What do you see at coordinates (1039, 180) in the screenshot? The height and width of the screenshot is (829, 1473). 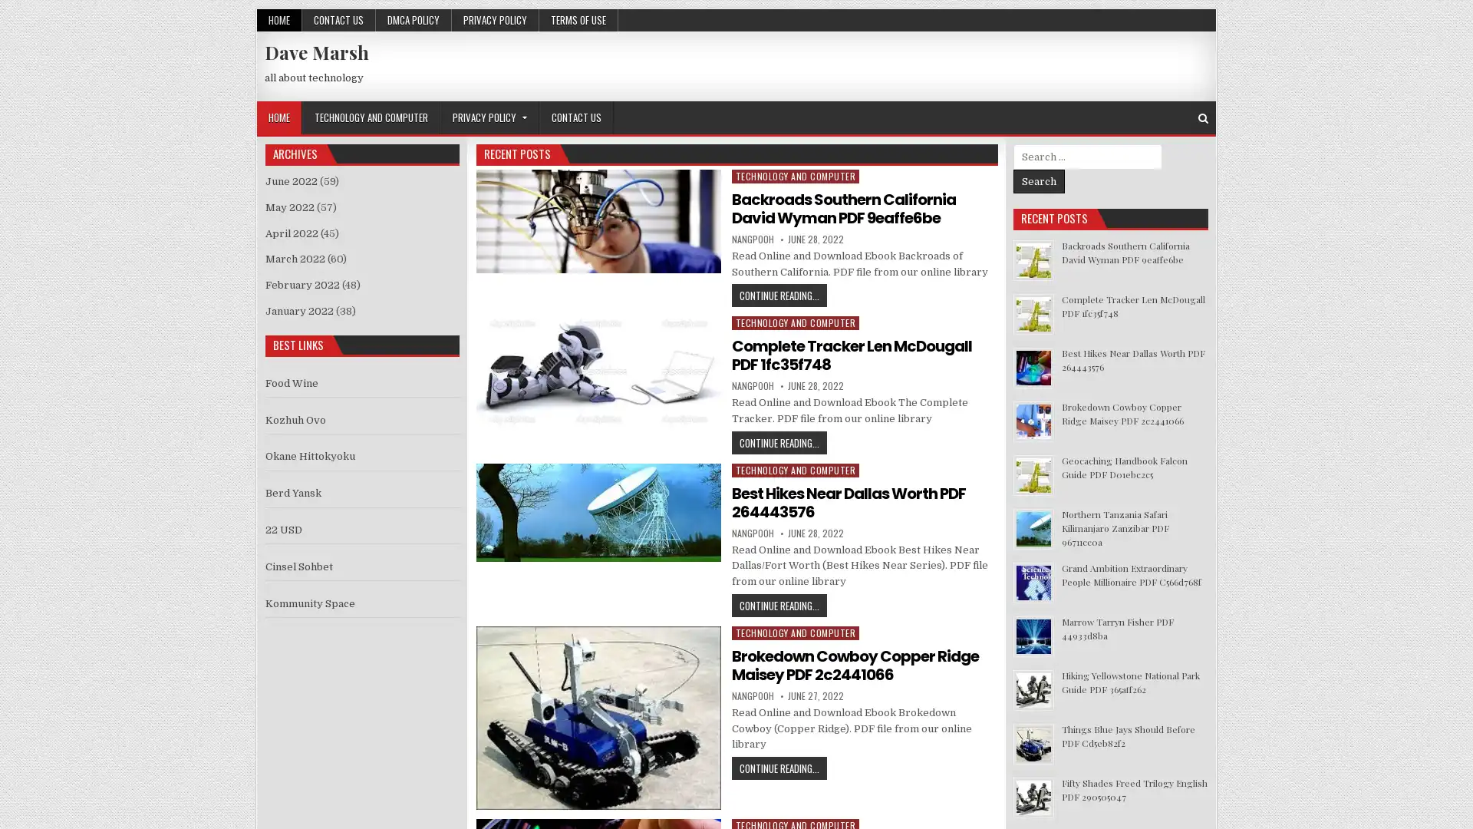 I see `Search` at bounding box center [1039, 180].